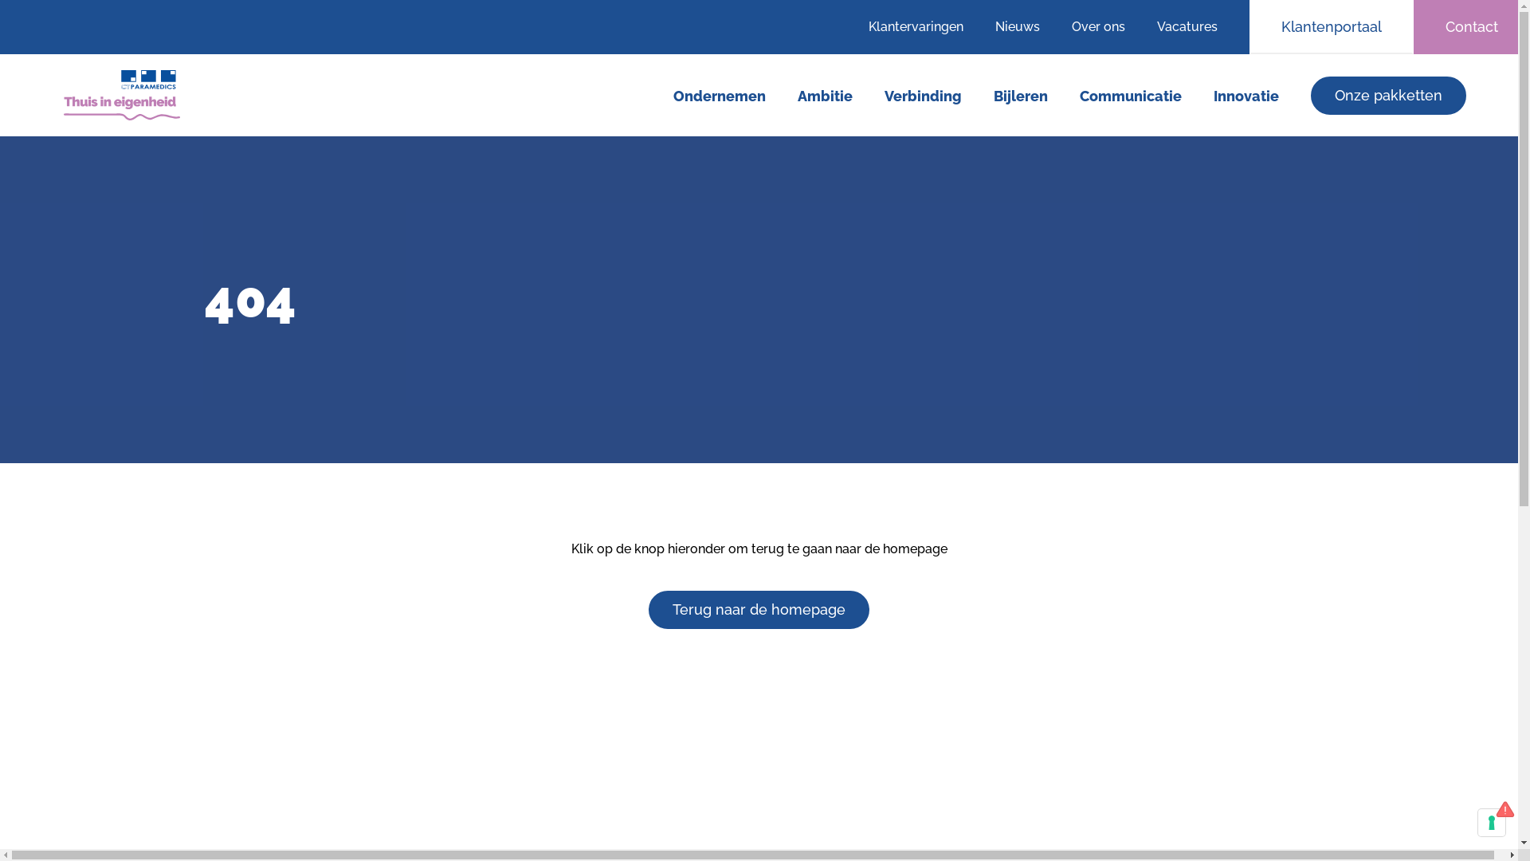  I want to click on 'Innovatie', so click(1246, 96).